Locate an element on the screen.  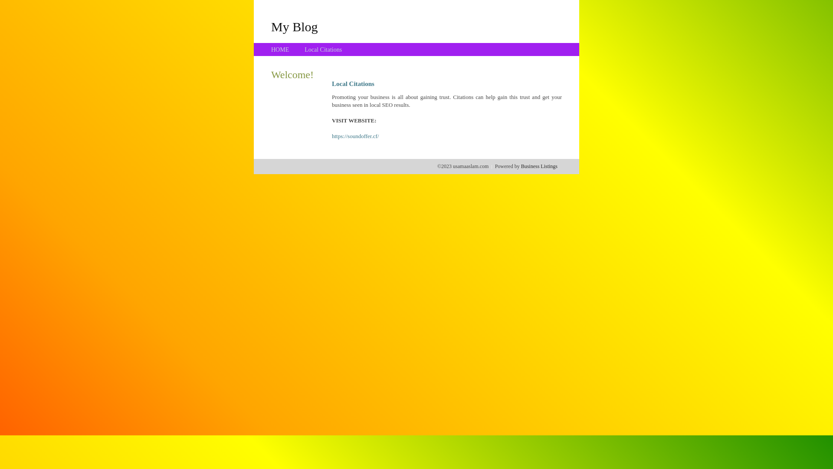
'Local Citations' is located at coordinates (304, 50).